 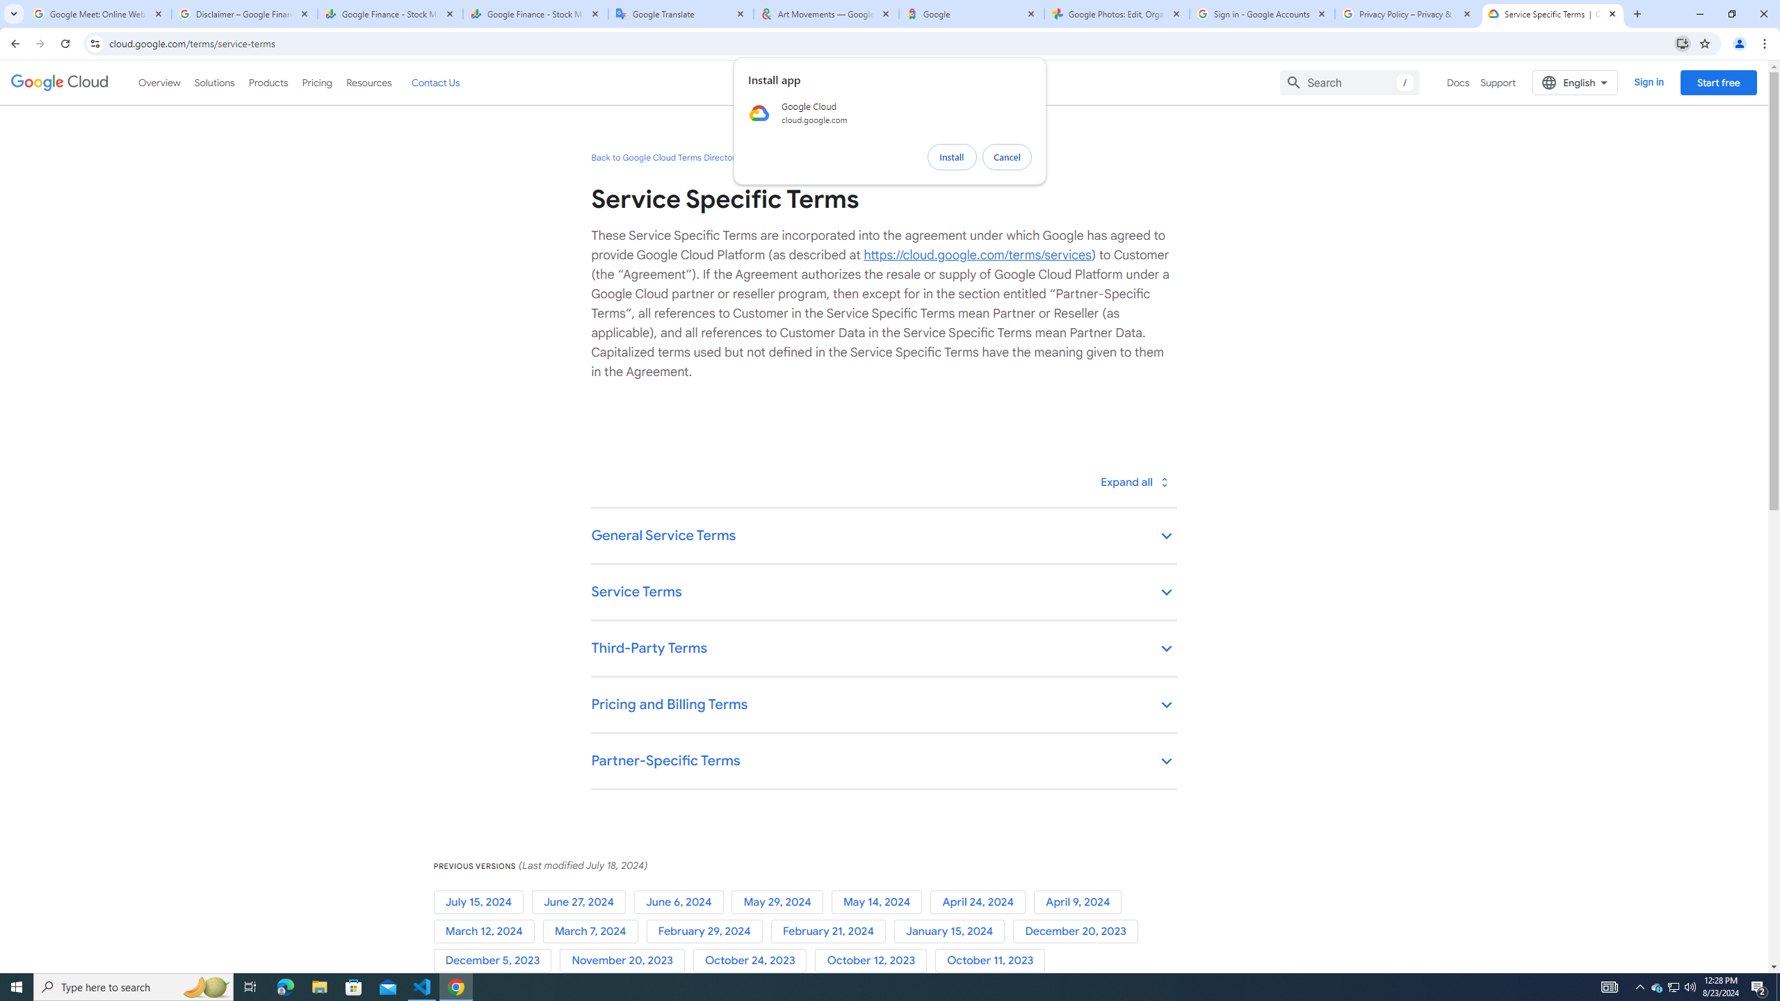 I want to click on 'March 12, 2024', so click(x=487, y=930).